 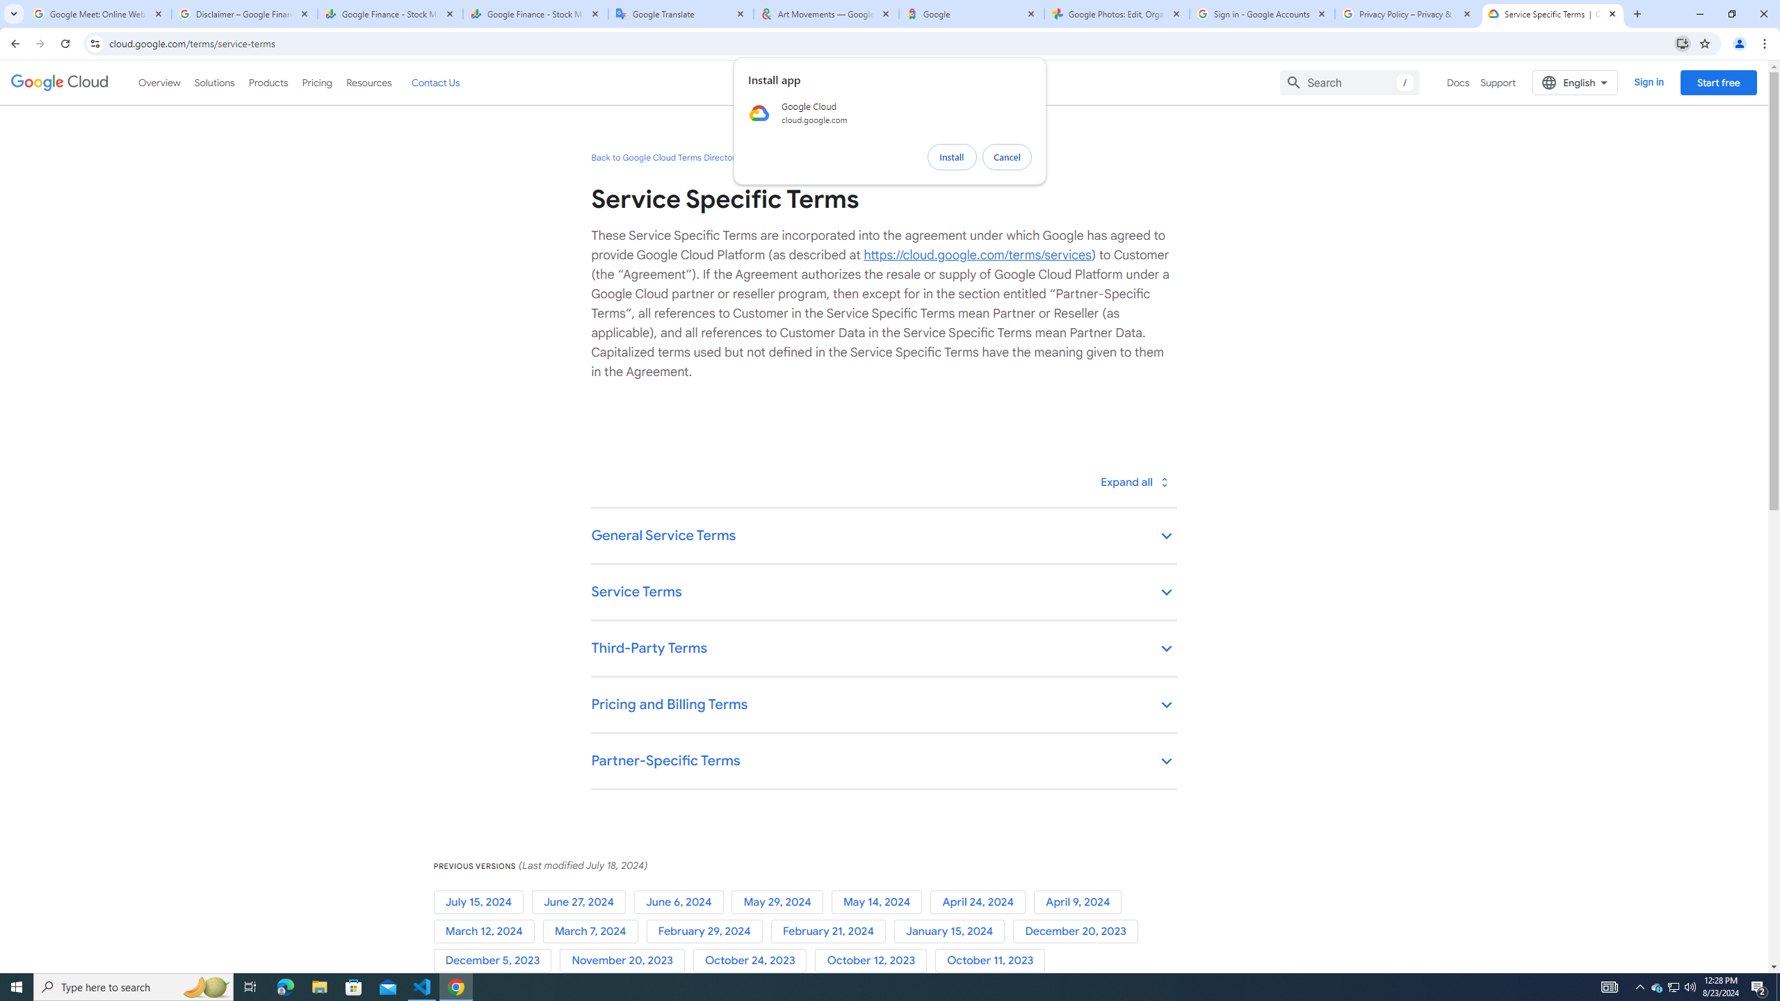 I want to click on 'March 12, 2024', so click(x=487, y=930).